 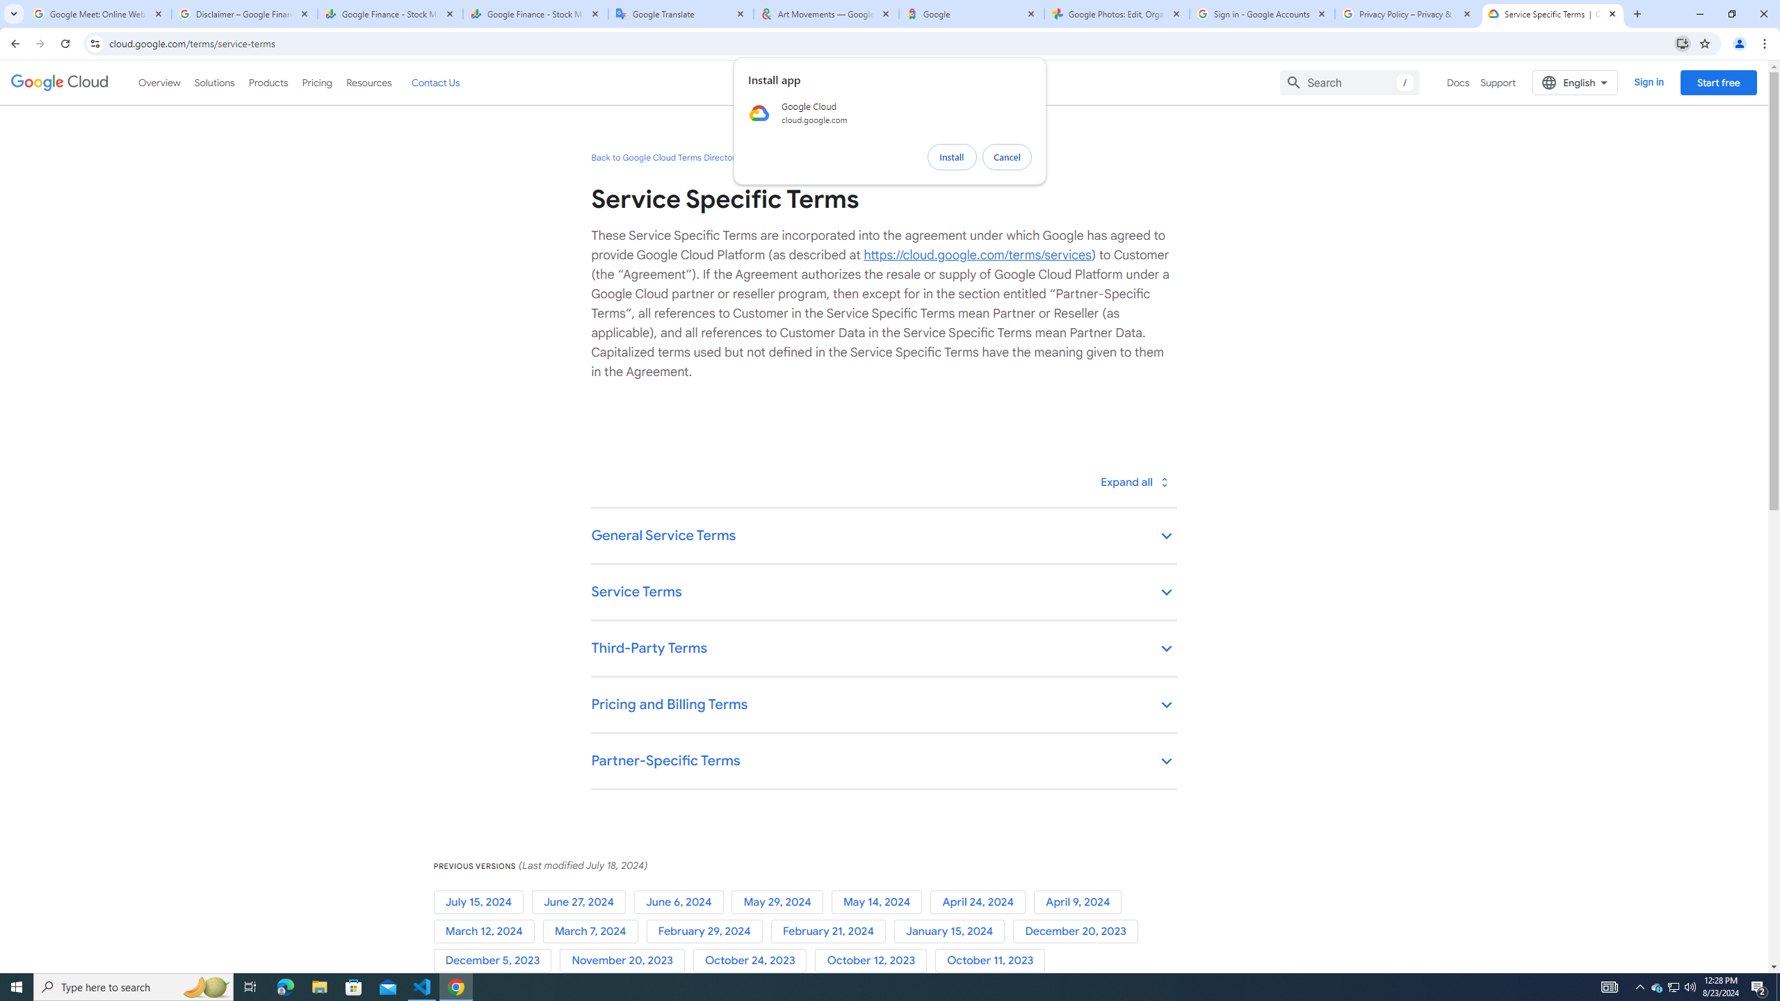 I want to click on 'March 12, 2024', so click(x=487, y=930).